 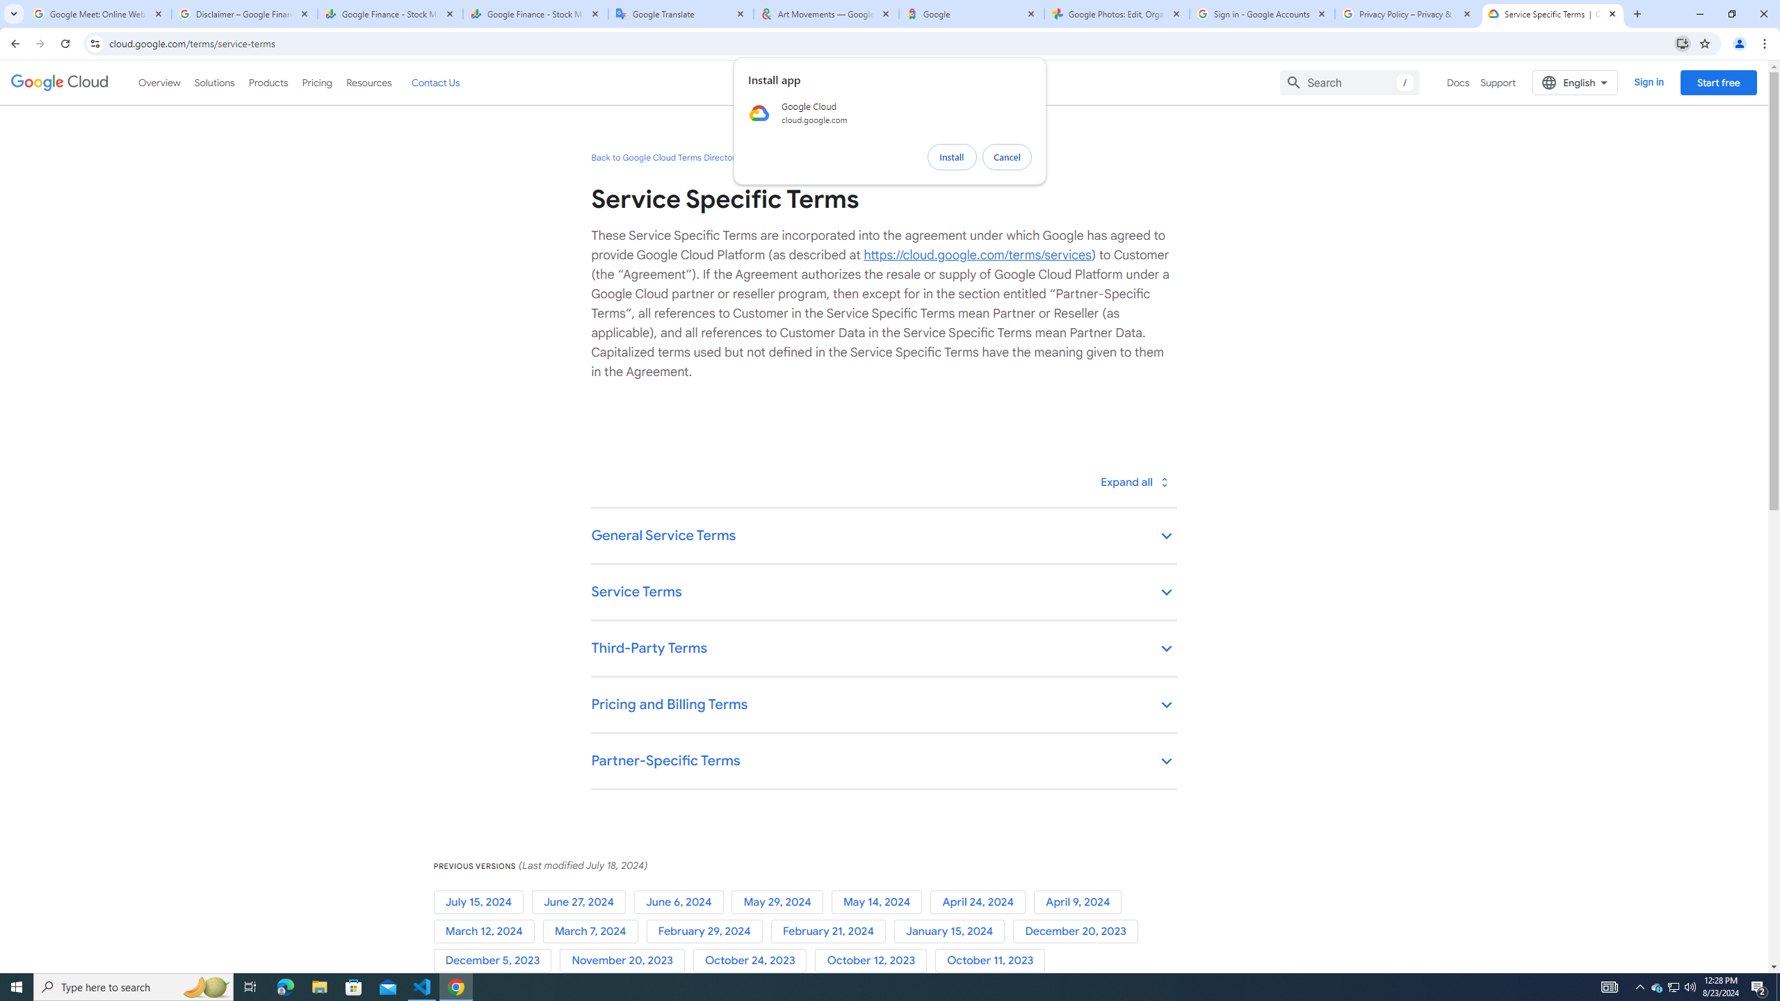 I want to click on 'March 12, 2024', so click(x=487, y=930).